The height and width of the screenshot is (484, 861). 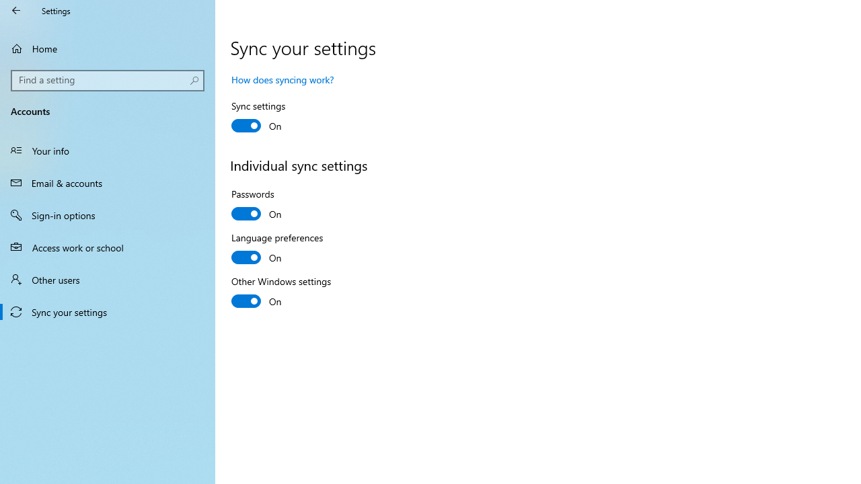 What do you see at coordinates (108, 48) in the screenshot?
I see `'Home'` at bounding box center [108, 48].